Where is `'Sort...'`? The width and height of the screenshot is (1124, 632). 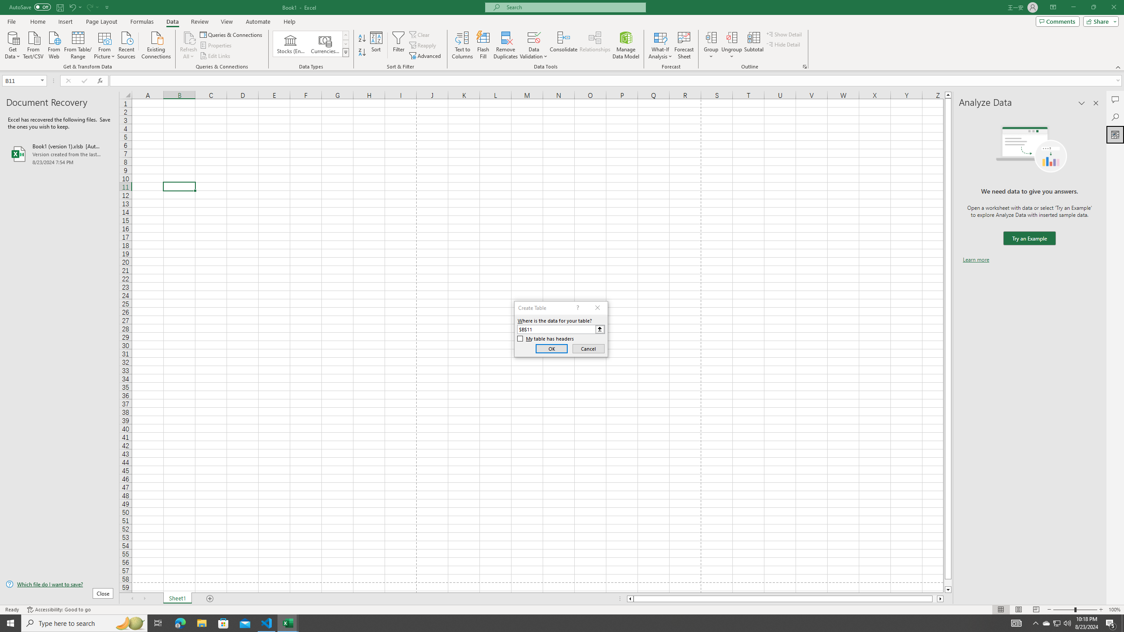 'Sort...' is located at coordinates (376, 45).